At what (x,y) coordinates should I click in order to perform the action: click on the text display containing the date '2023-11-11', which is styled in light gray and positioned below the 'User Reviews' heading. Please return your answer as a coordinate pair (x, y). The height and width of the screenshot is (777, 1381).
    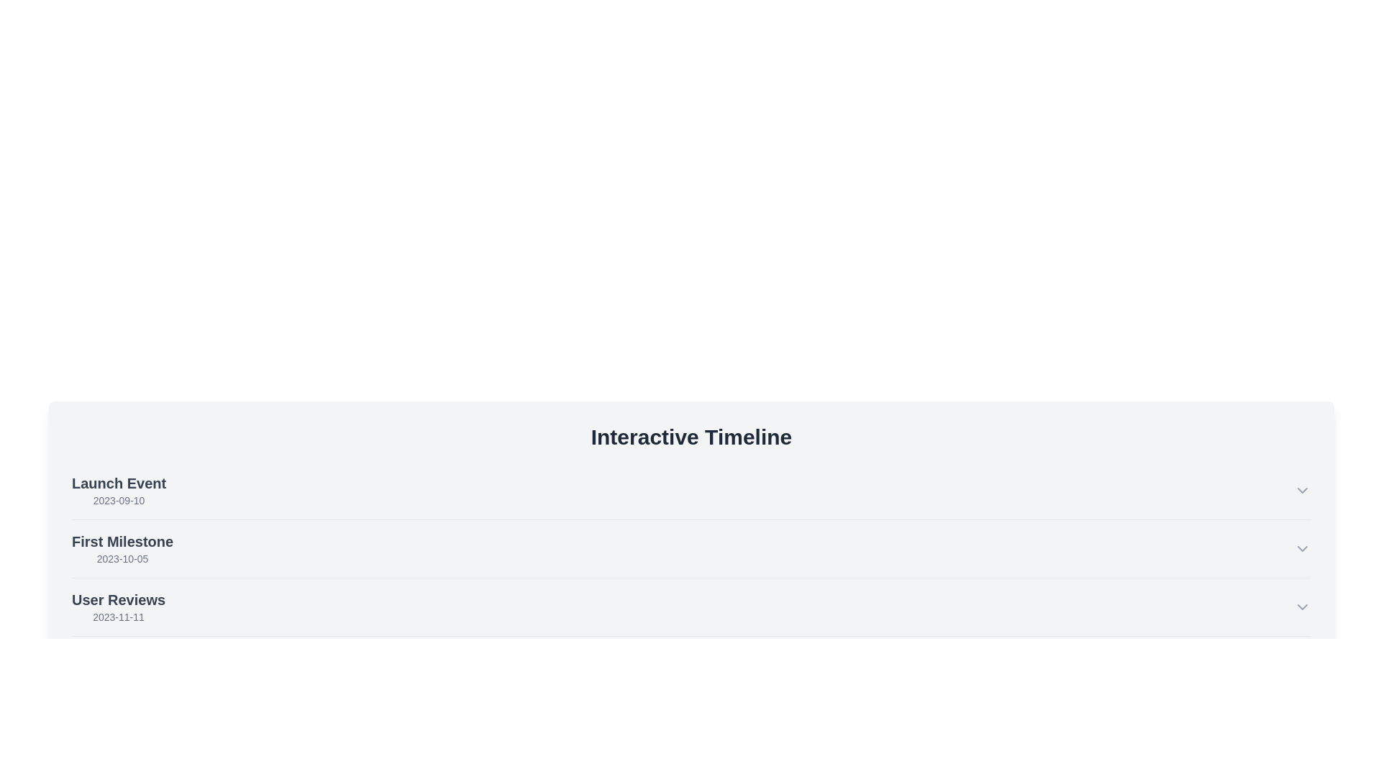
    Looking at the image, I should click on (119, 616).